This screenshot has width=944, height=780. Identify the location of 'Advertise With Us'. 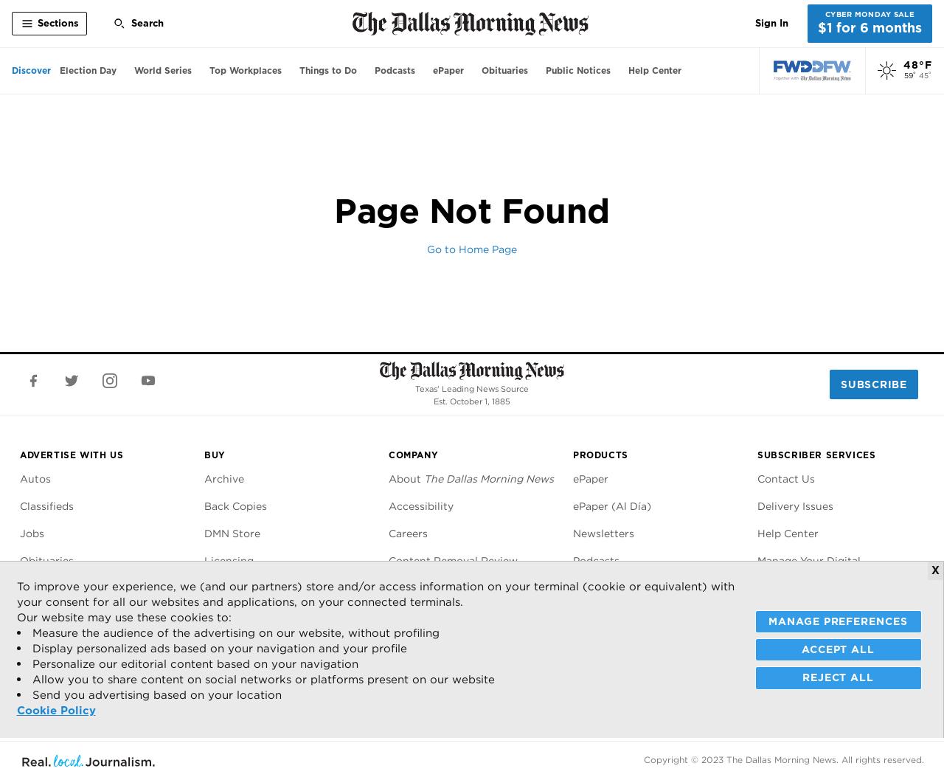
(71, 455).